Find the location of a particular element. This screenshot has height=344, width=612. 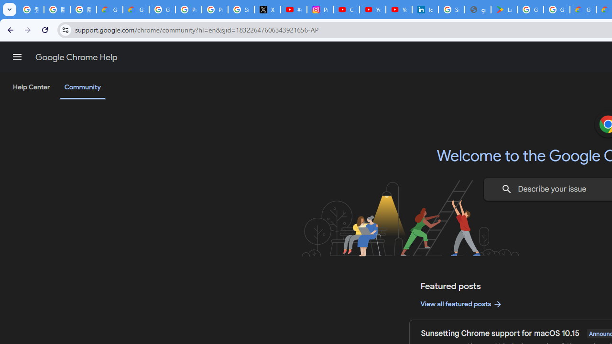

'#nbabasketballhighlights - YouTube' is located at coordinates (294, 10).